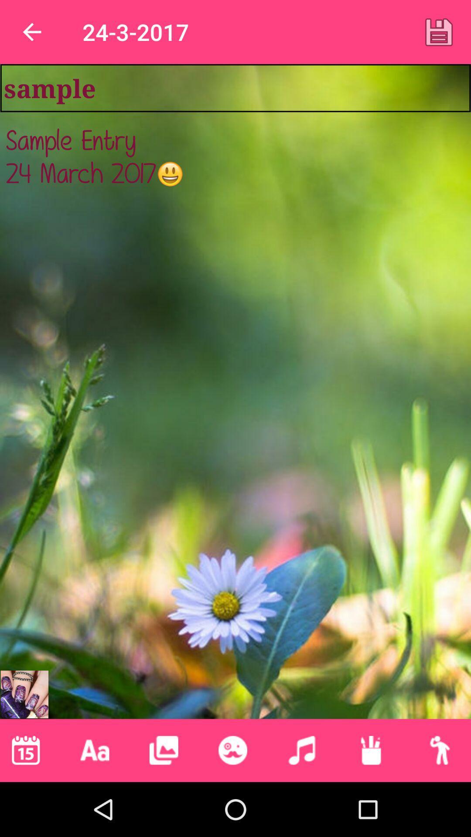 The width and height of the screenshot is (471, 837). Describe the element at coordinates (439, 32) in the screenshot. I see `save` at that location.